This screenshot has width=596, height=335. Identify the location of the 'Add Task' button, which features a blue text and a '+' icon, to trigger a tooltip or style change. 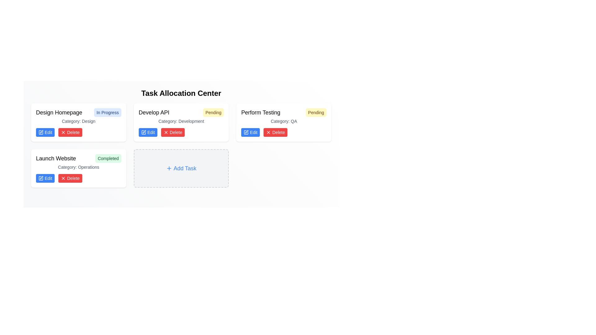
(181, 168).